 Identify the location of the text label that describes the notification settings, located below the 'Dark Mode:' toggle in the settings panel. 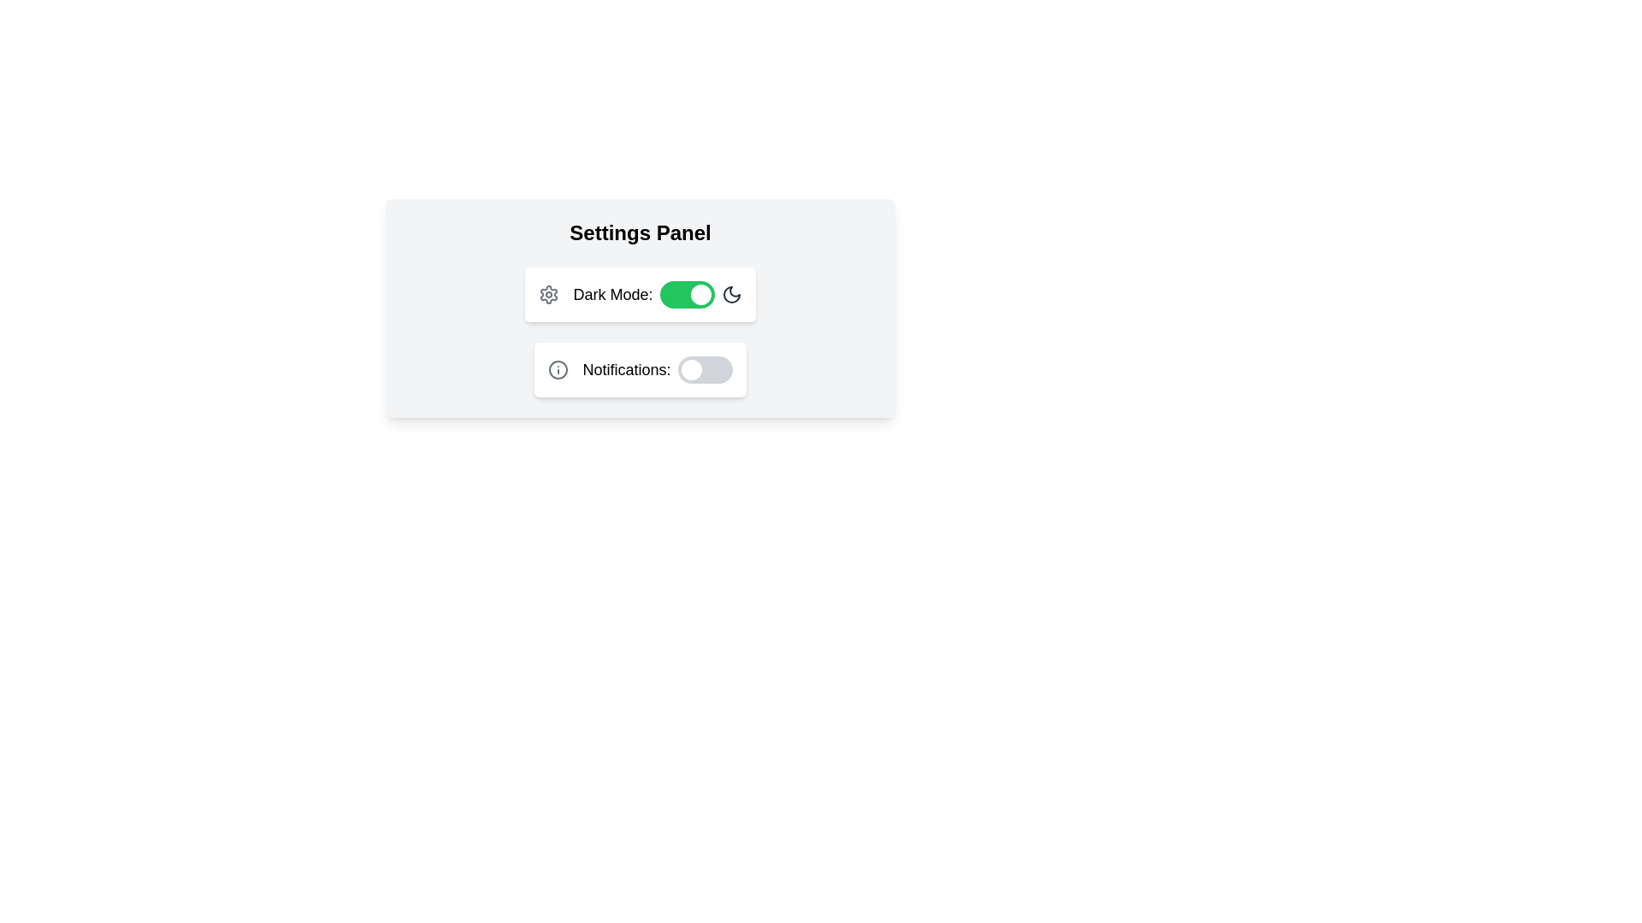
(626, 368).